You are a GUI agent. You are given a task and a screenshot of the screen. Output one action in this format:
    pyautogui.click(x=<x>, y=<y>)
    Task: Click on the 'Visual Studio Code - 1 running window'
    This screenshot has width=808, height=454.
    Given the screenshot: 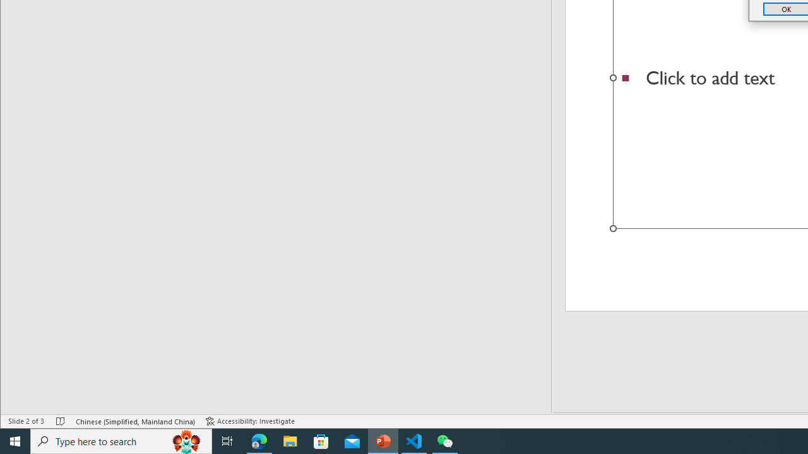 What is the action you would take?
    pyautogui.click(x=414, y=440)
    